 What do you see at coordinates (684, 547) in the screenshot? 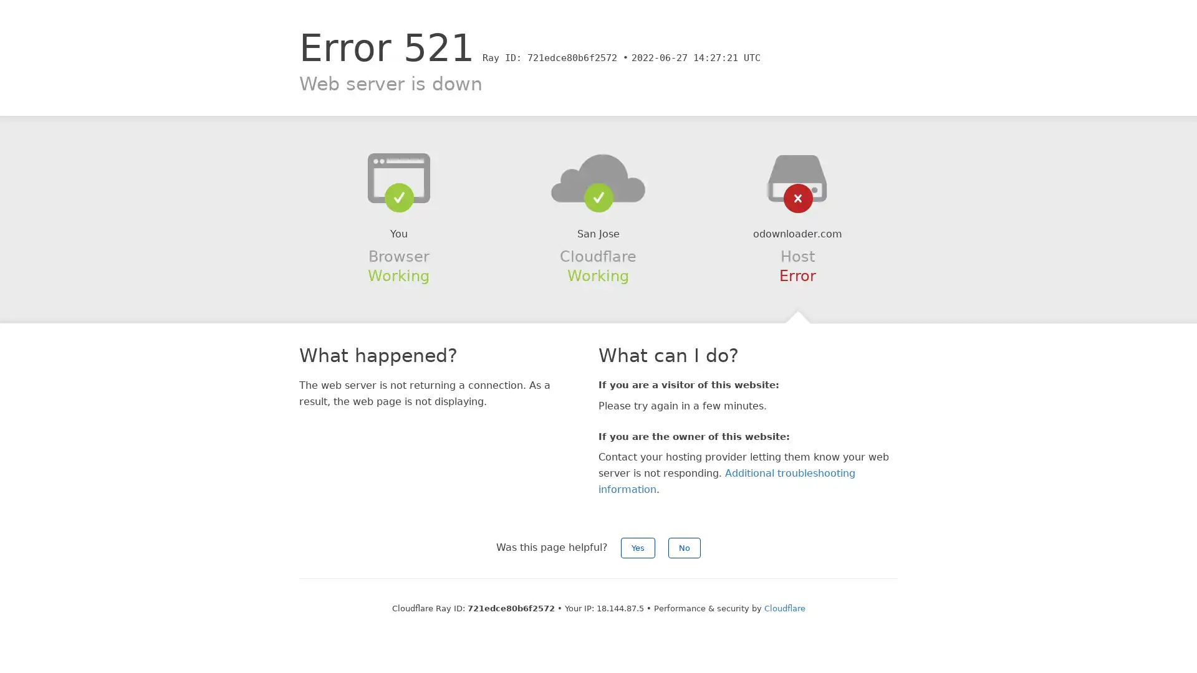
I see `No` at bounding box center [684, 547].